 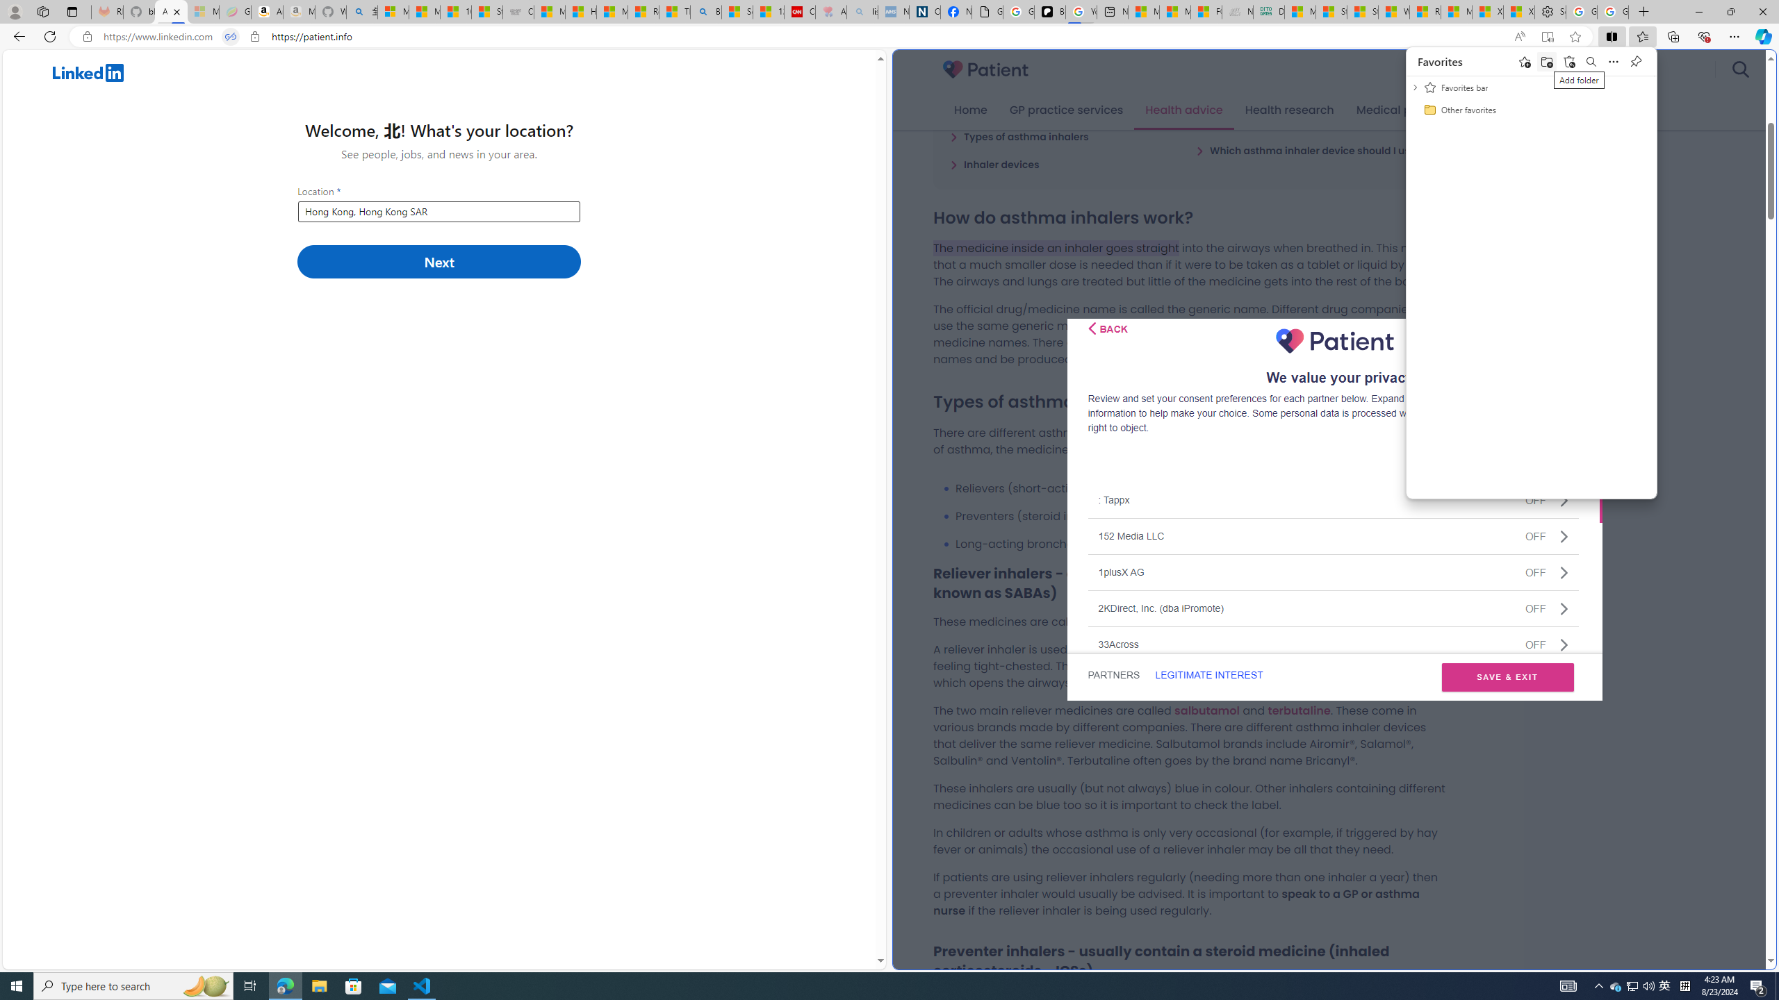 What do you see at coordinates (1206, 710) in the screenshot?
I see `'salbutamol'` at bounding box center [1206, 710].